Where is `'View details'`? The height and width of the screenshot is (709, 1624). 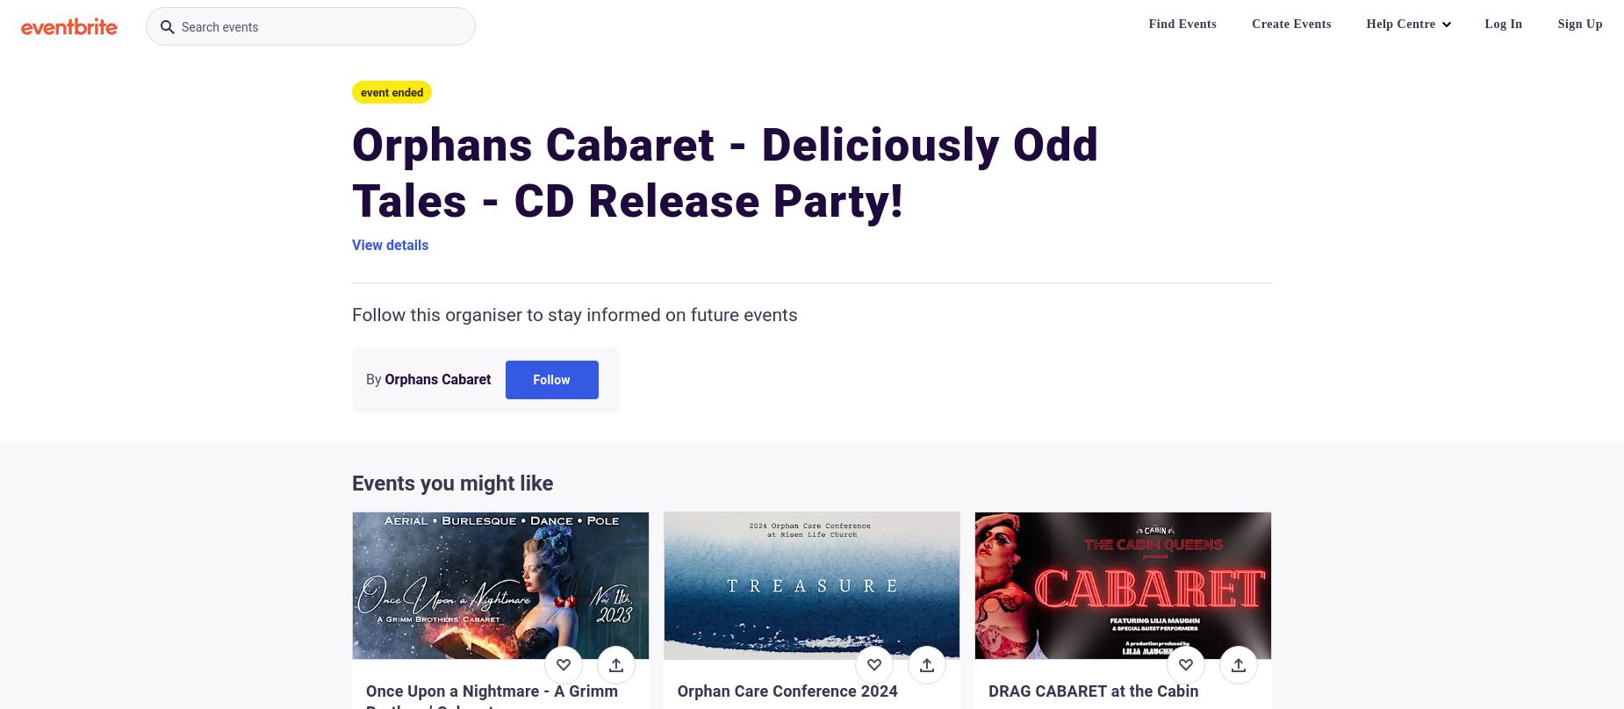
'View details' is located at coordinates (389, 245).